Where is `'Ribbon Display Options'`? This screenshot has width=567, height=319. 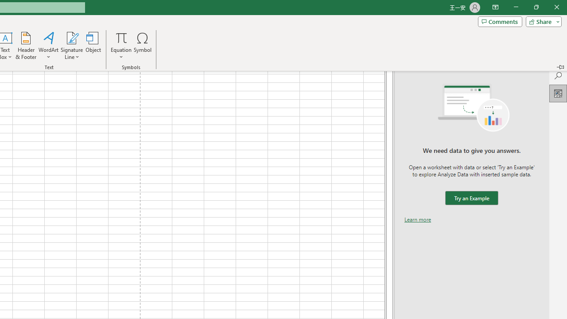 'Ribbon Display Options' is located at coordinates (495, 7).